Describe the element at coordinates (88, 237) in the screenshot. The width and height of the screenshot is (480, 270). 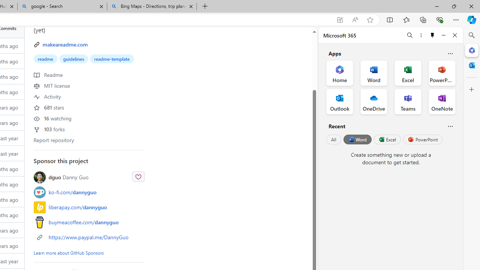
I see `'https://www.paypal.me/DannyGuo'` at that location.